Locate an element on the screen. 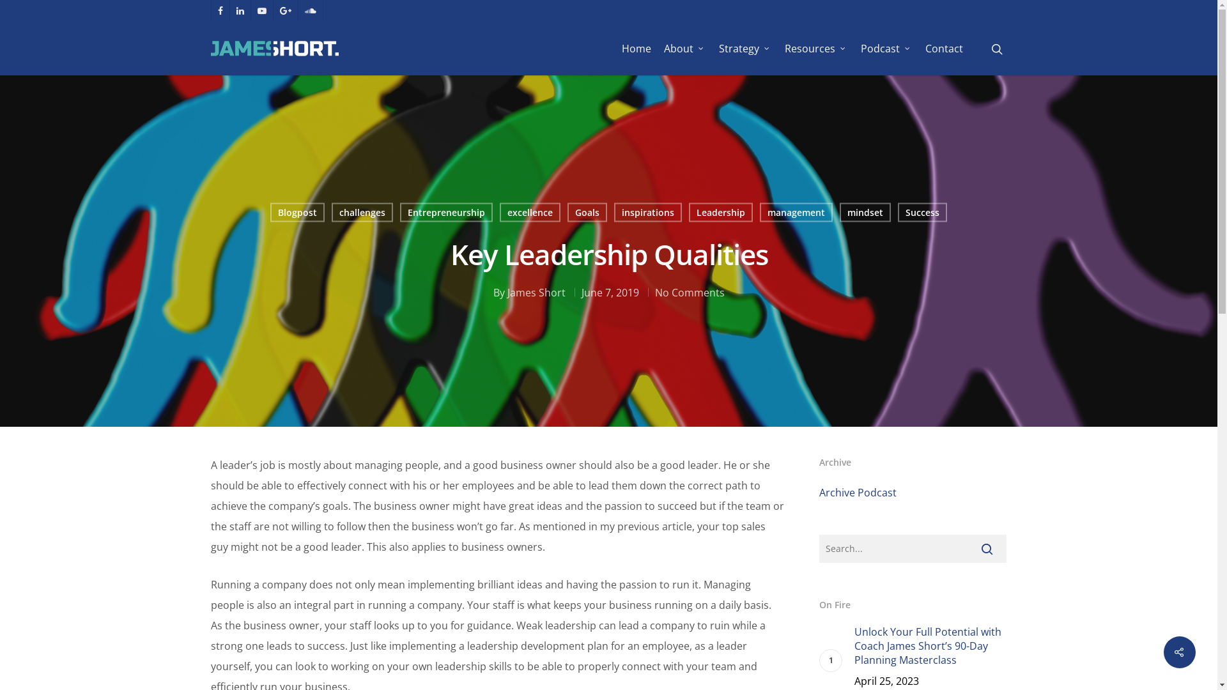 The height and width of the screenshot is (690, 1227). 'management' is located at coordinates (794, 211).